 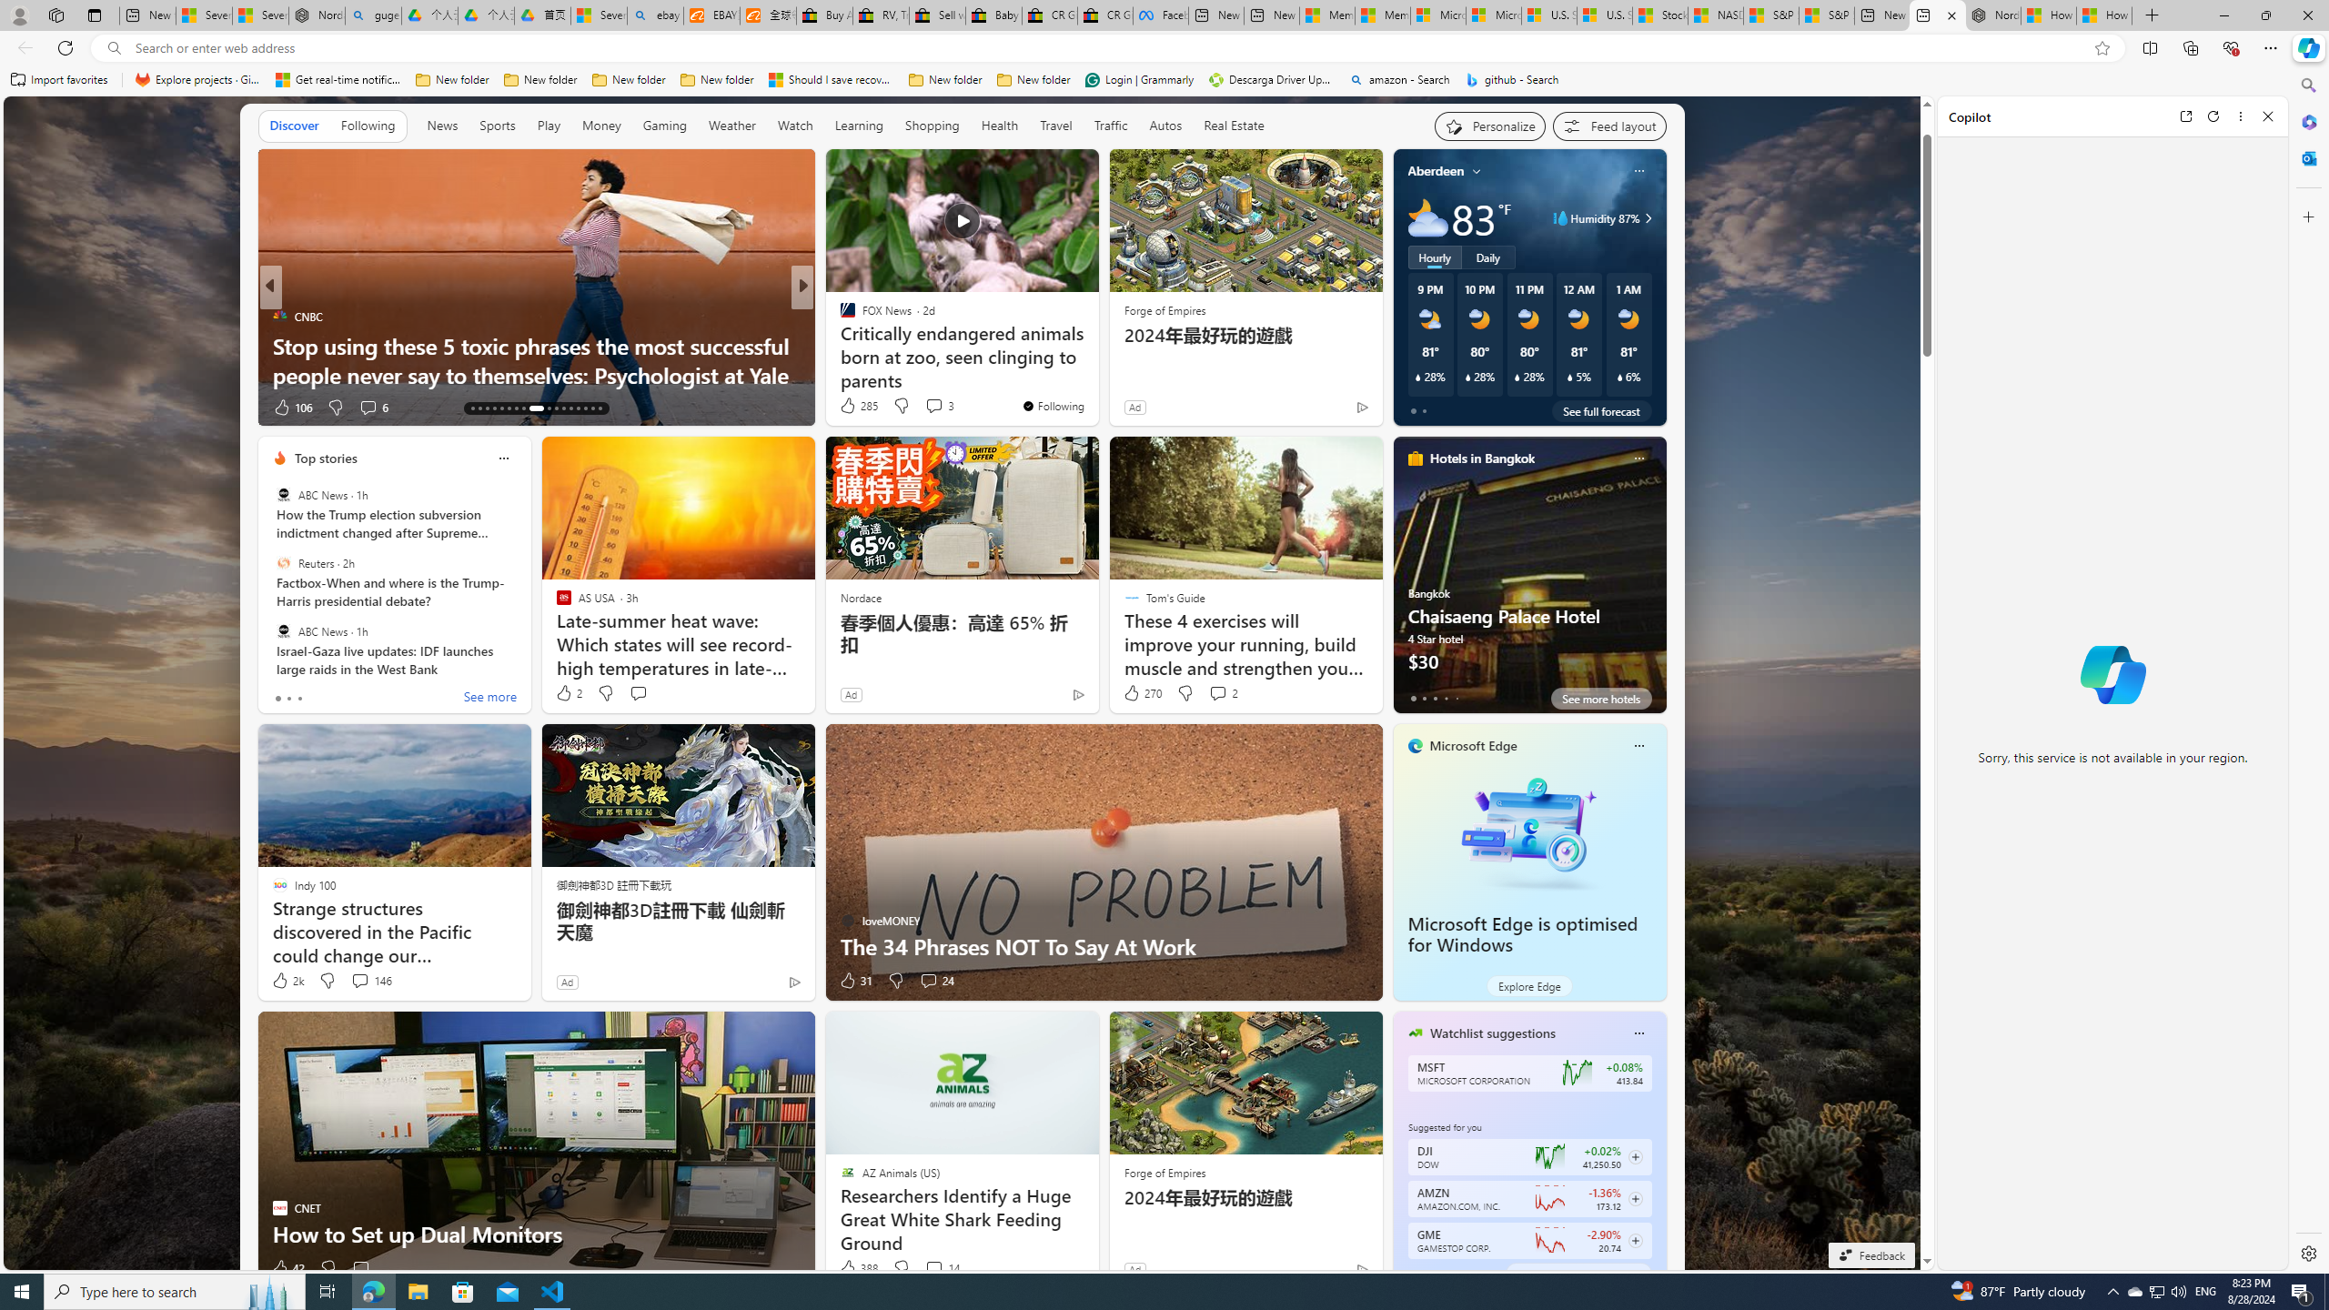 I want to click on 'Personalize your feed"', so click(x=1490, y=125).